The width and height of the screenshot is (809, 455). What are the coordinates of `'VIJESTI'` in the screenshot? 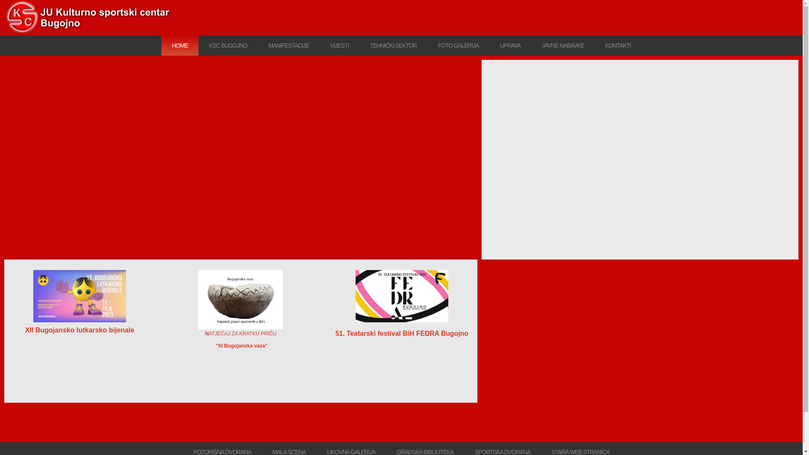 It's located at (339, 45).